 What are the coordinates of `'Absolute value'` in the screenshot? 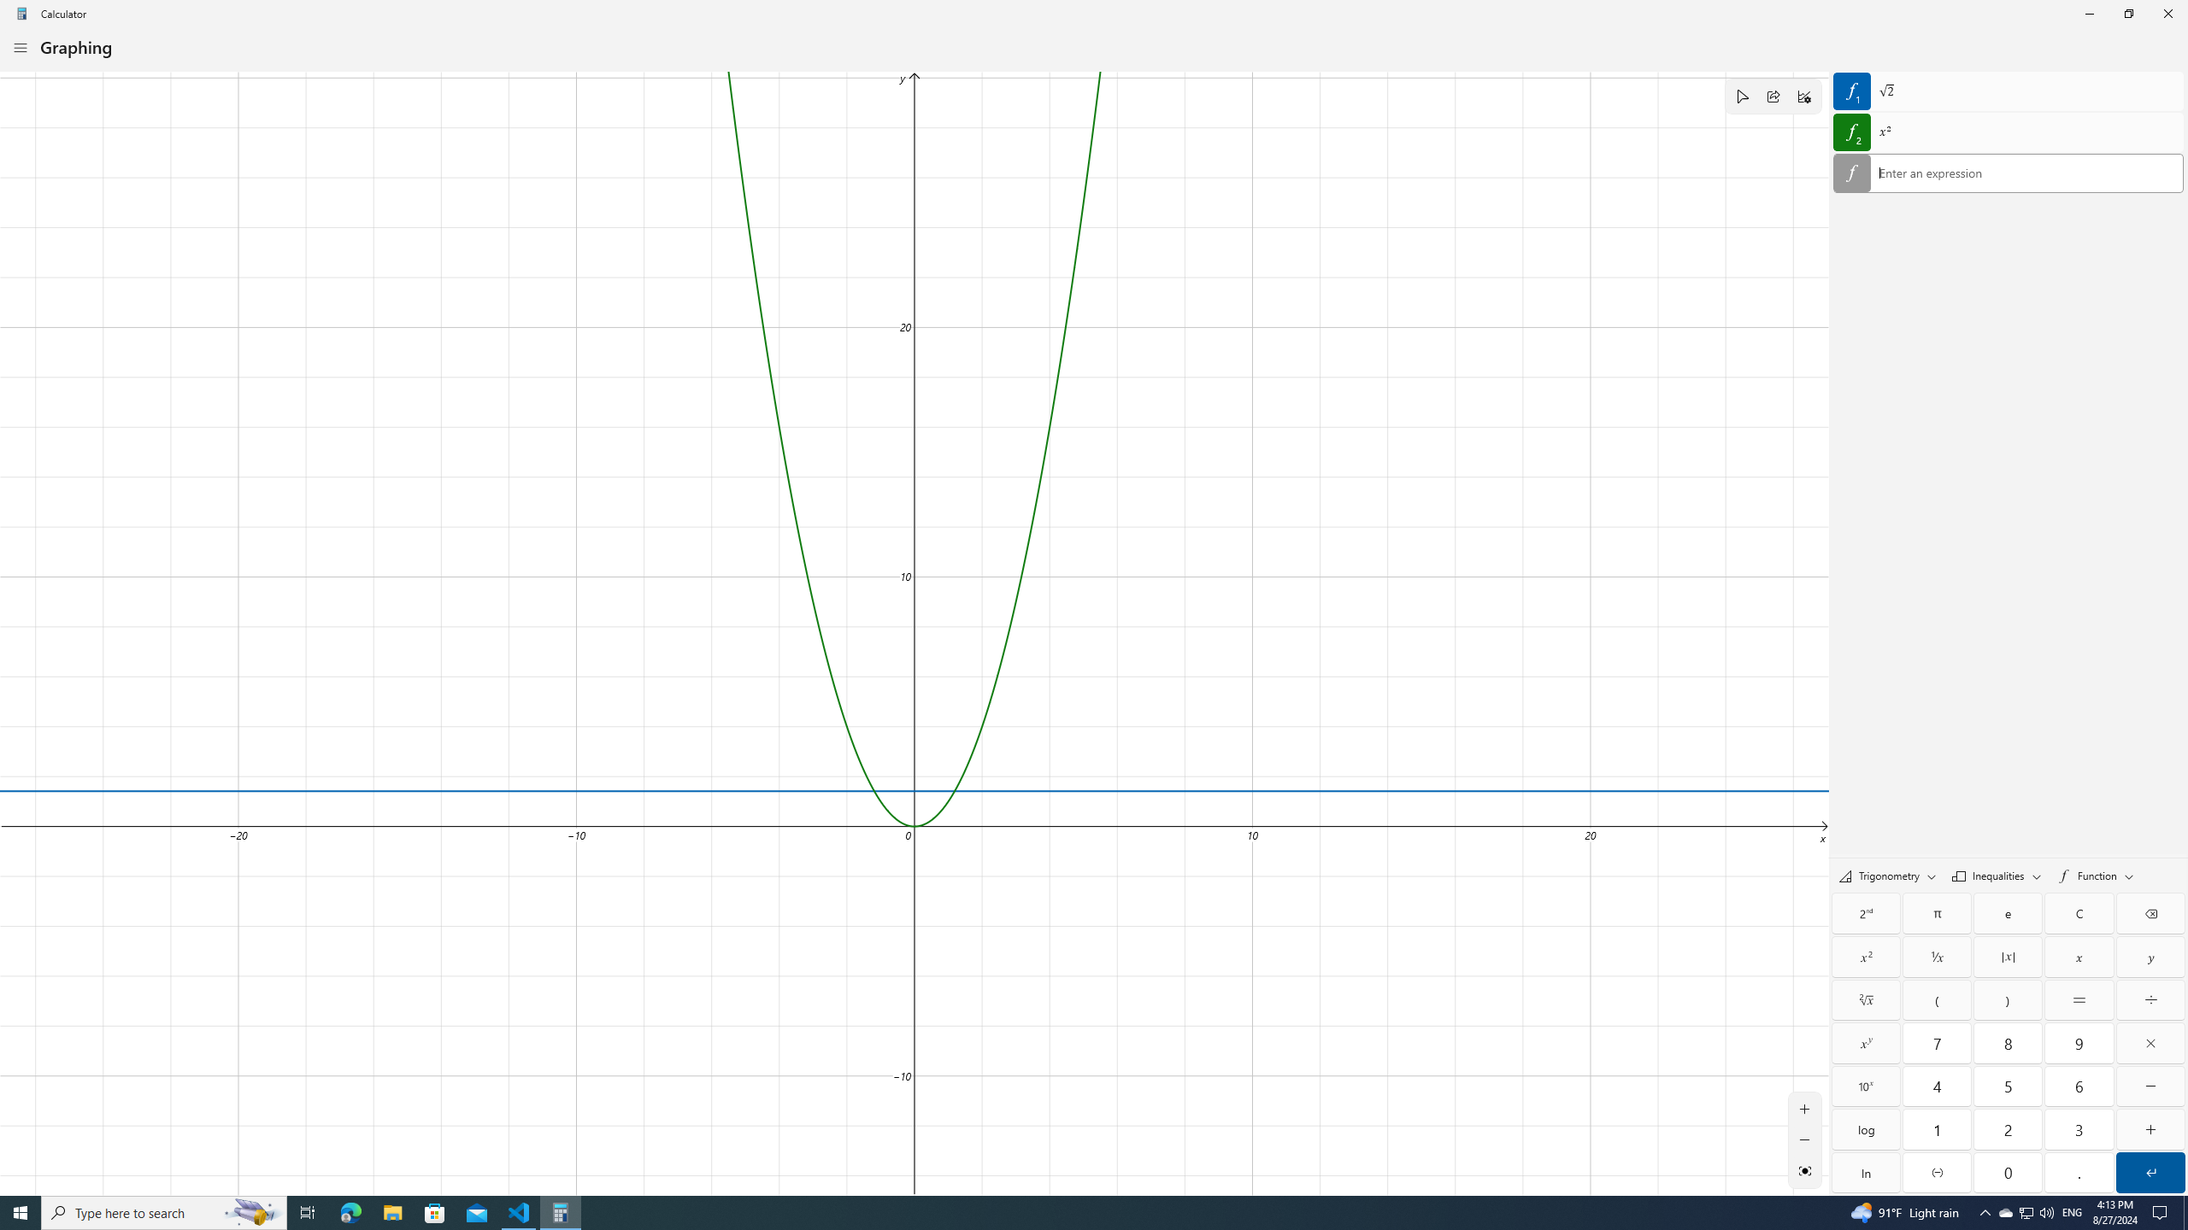 It's located at (2008, 956).